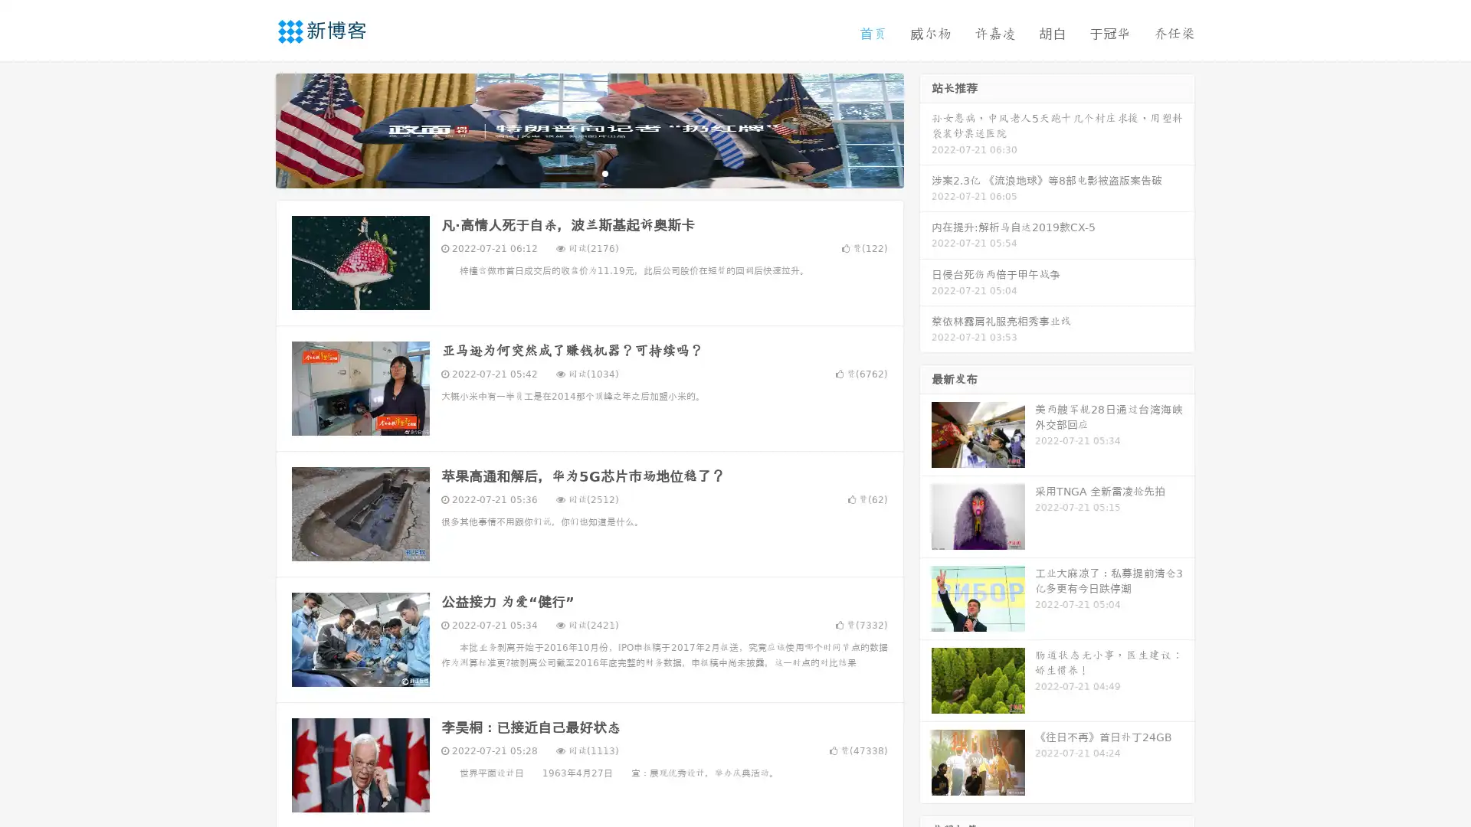 The width and height of the screenshot is (1471, 827). What do you see at coordinates (253, 129) in the screenshot?
I see `Previous slide` at bounding box center [253, 129].